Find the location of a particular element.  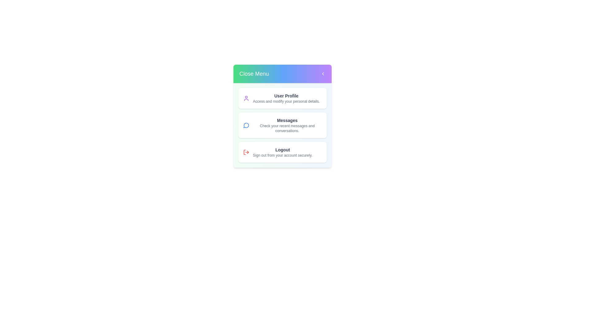

the menu option Messages by clicking on it is located at coordinates (282, 125).